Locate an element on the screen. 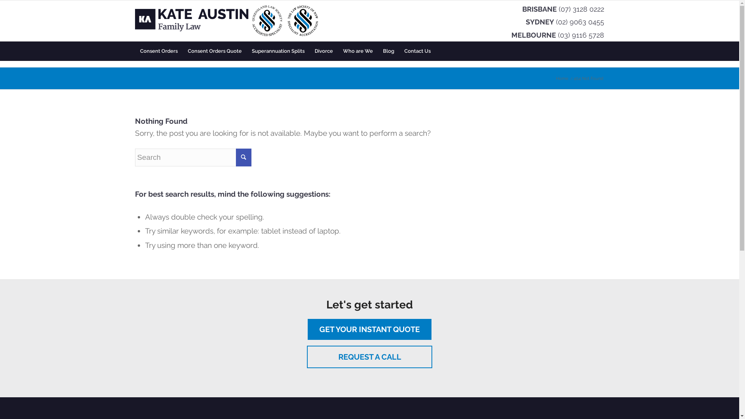  'BRISBANE (07) 3128 0222' is located at coordinates (563, 9).